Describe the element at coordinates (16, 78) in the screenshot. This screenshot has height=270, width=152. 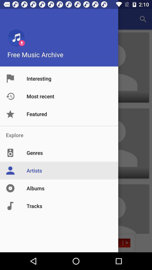
I see `the image option to the left of the text interesting` at that location.